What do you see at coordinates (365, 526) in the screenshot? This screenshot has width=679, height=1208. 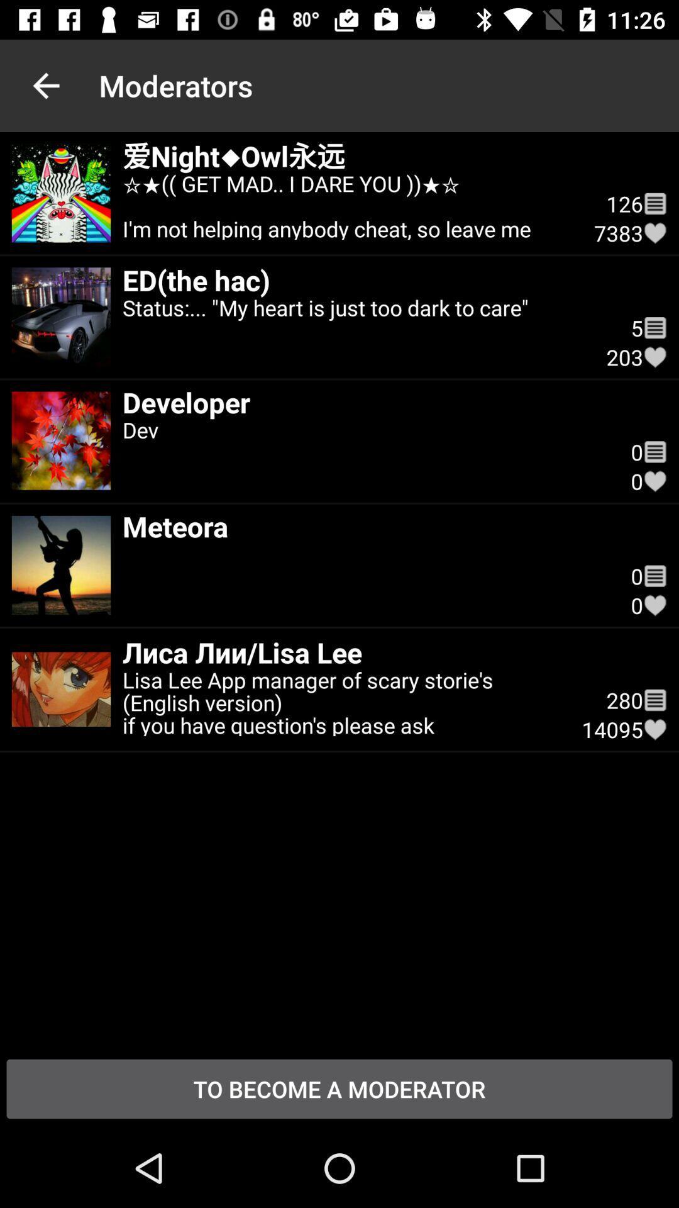 I see `icon to the left of the 0` at bounding box center [365, 526].